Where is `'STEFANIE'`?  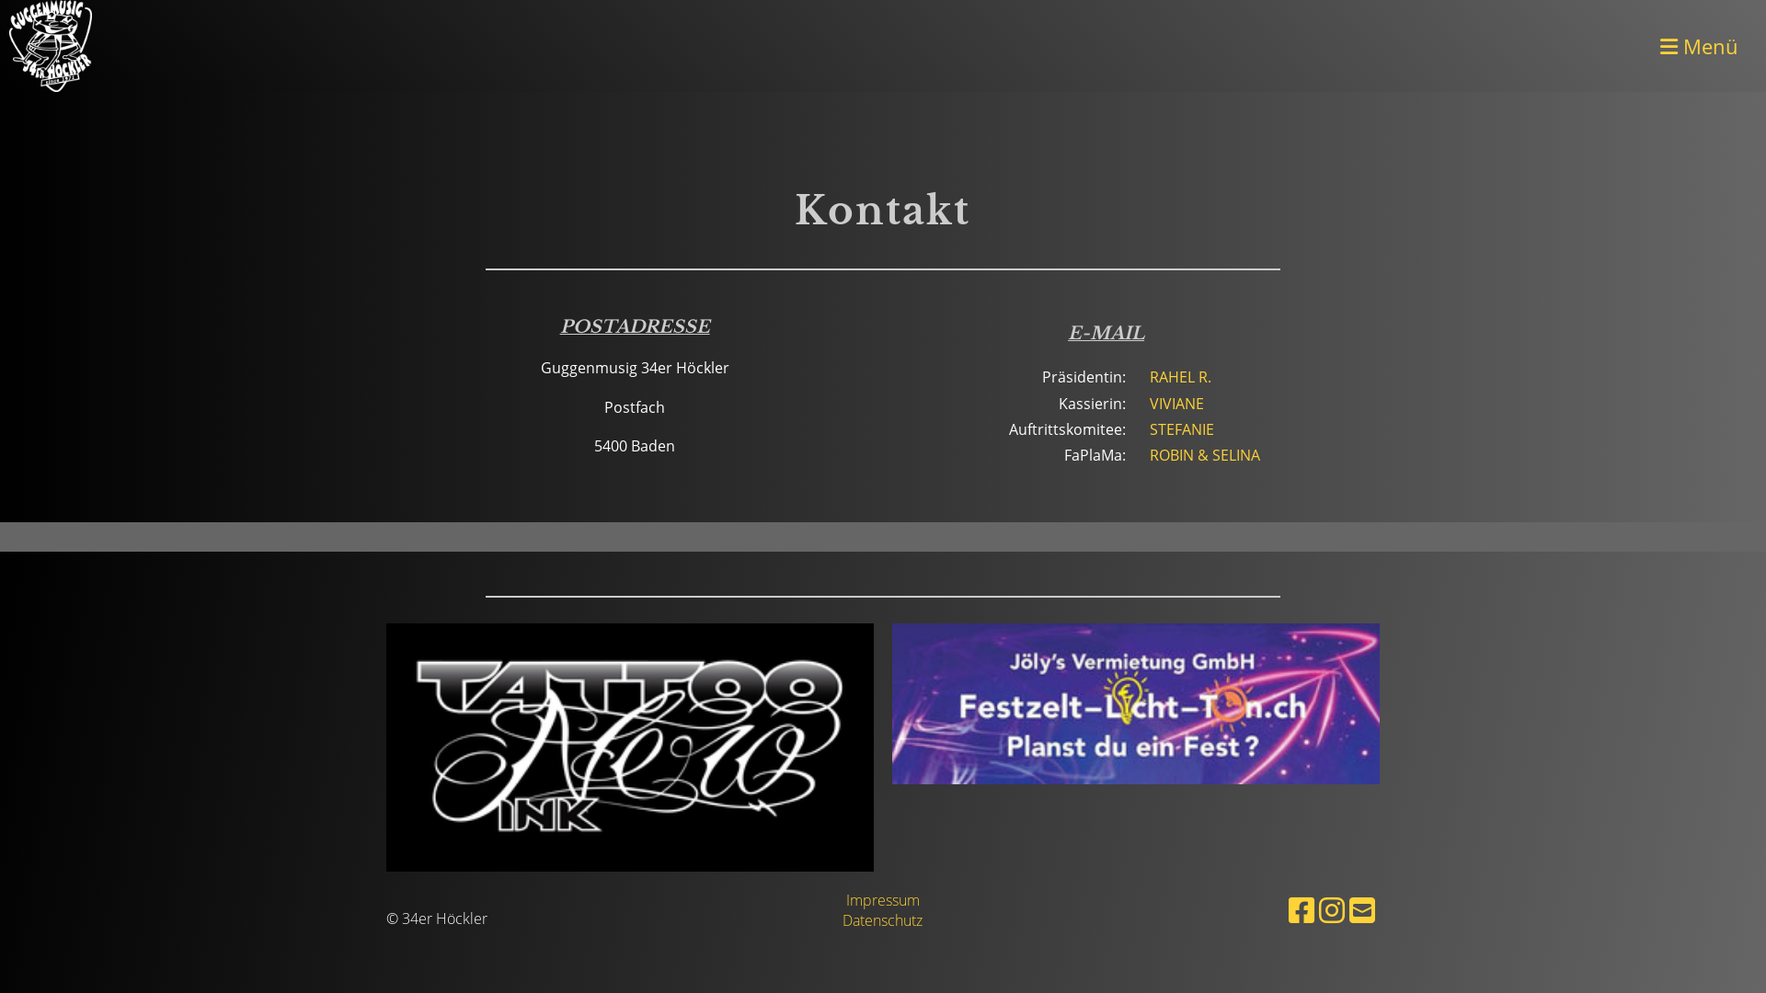
'STEFANIE' is located at coordinates (1148, 428).